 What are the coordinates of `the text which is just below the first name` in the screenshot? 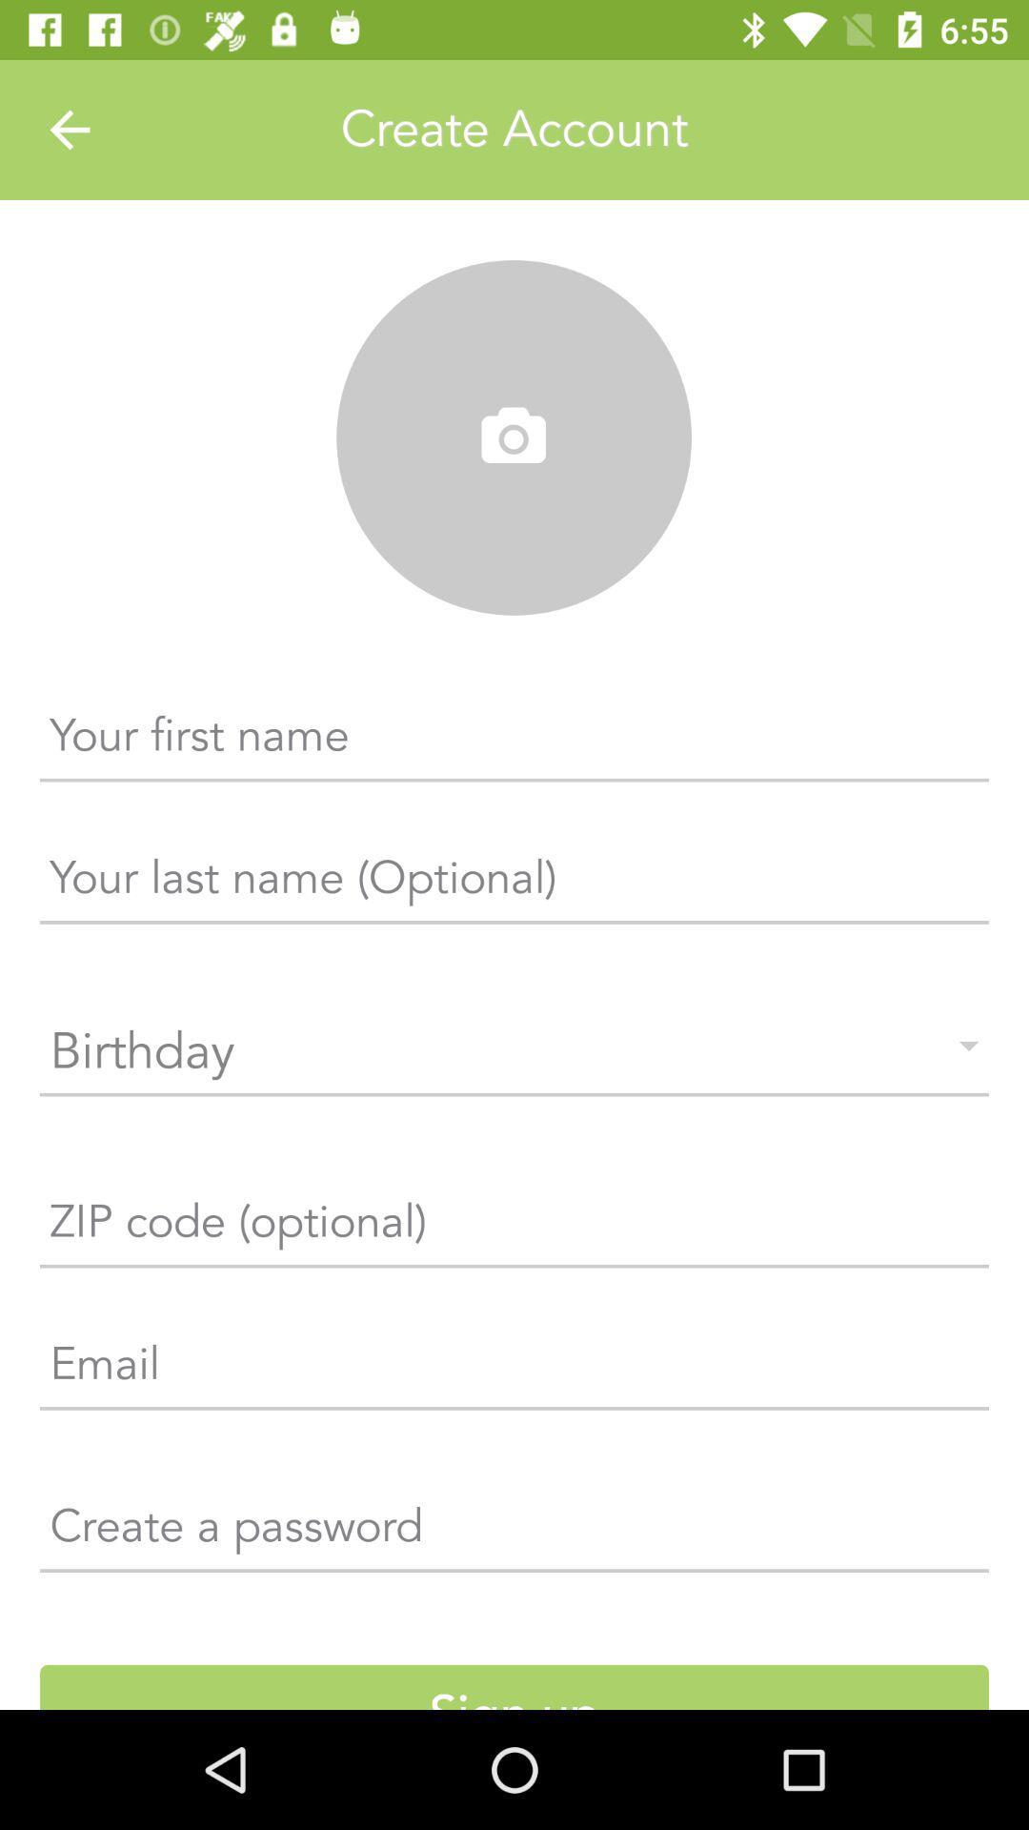 It's located at (514, 884).